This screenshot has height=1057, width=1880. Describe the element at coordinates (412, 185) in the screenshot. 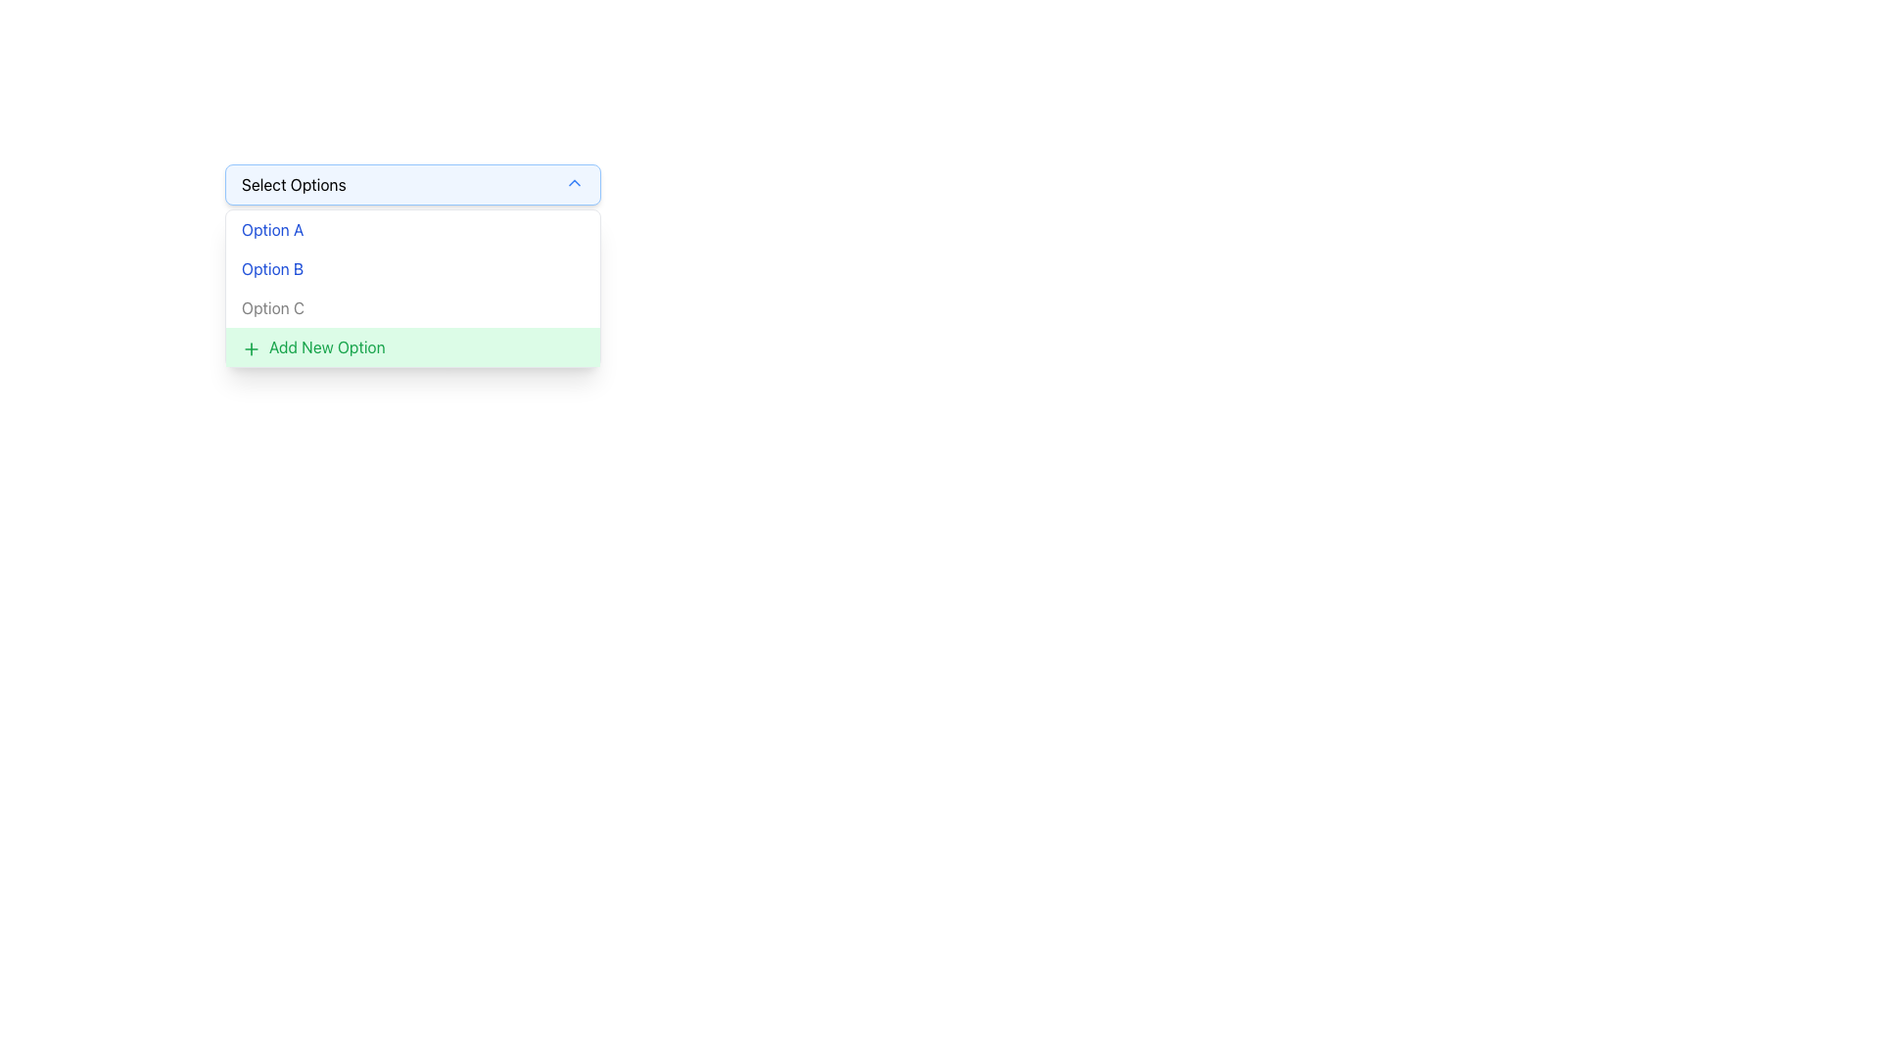

I see `the Dropdown Menu Header that contains the text 'Select Options' and has a chevron pointing upwards, styled with a light blue background and rounded borders` at that location.